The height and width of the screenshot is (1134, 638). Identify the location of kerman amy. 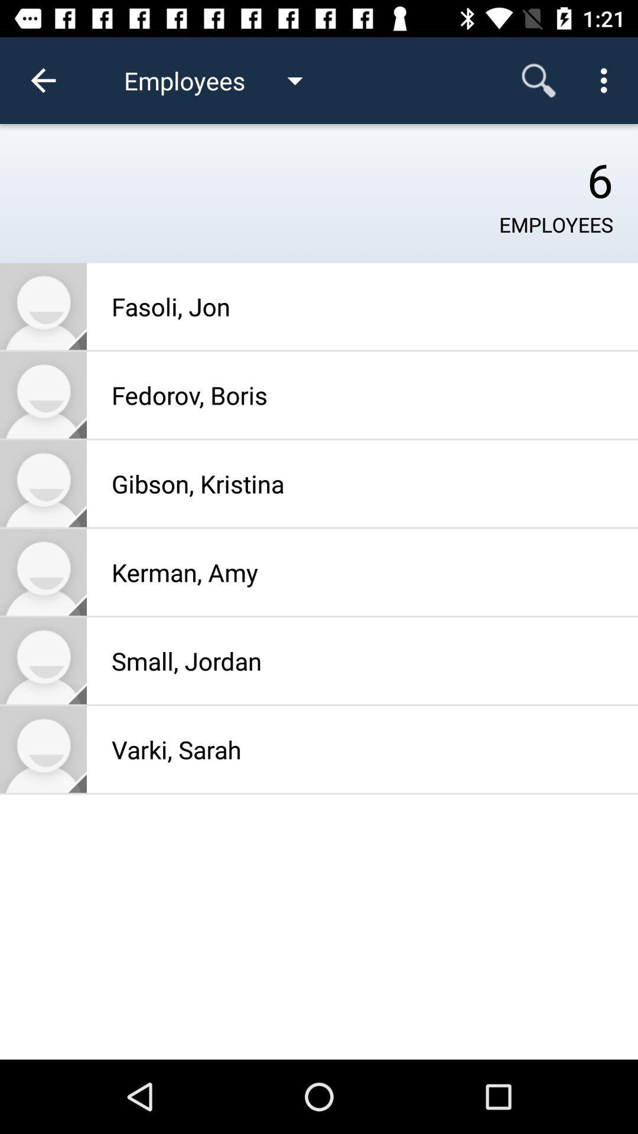
(43, 572).